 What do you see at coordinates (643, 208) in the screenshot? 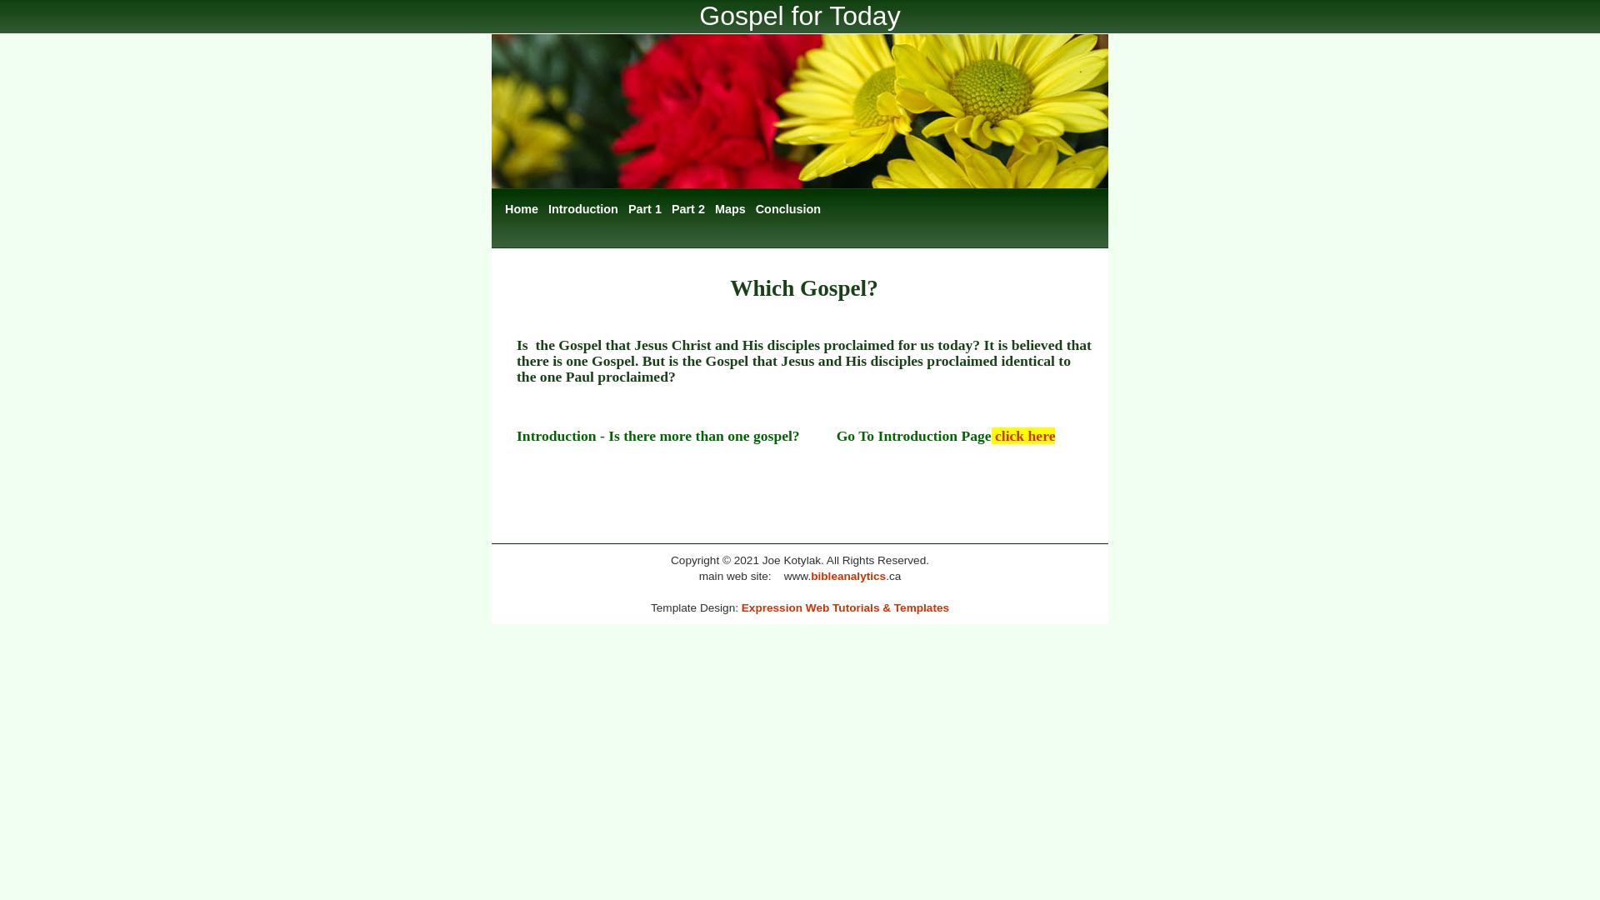
I see `'Part 1'` at bounding box center [643, 208].